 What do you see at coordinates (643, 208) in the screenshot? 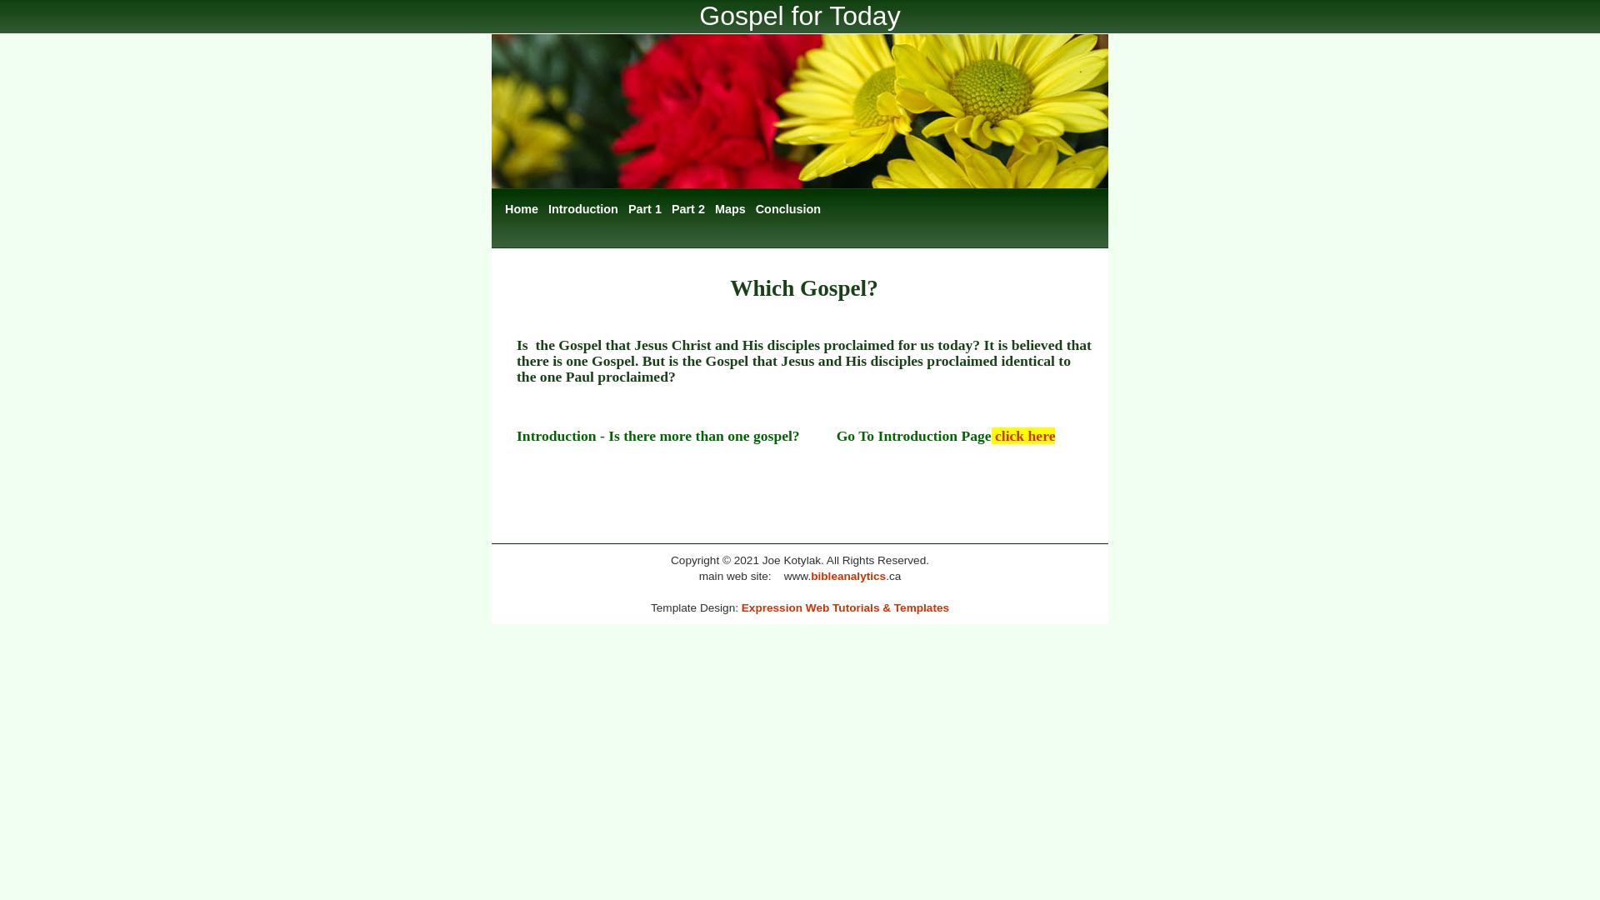
I see `'Part 1'` at bounding box center [643, 208].